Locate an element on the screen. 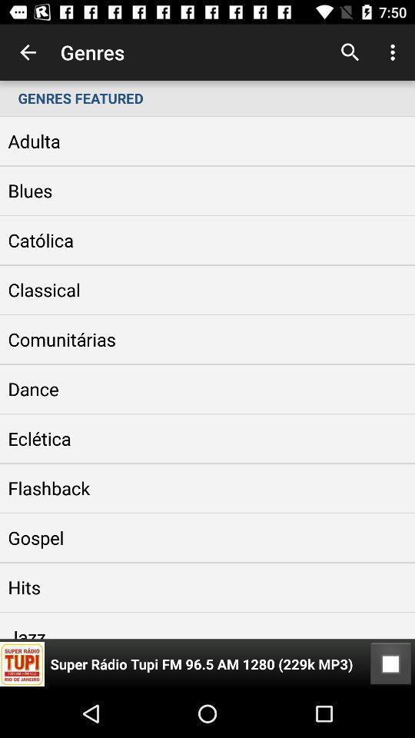 The image size is (415, 738). the app to the left of the genres icon is located at coordinates (28, 52).